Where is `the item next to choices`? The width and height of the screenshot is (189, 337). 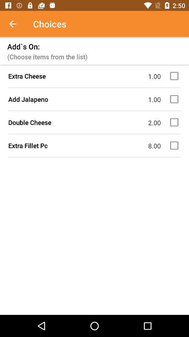 the item next to choices is located at coordinates (16, 24).